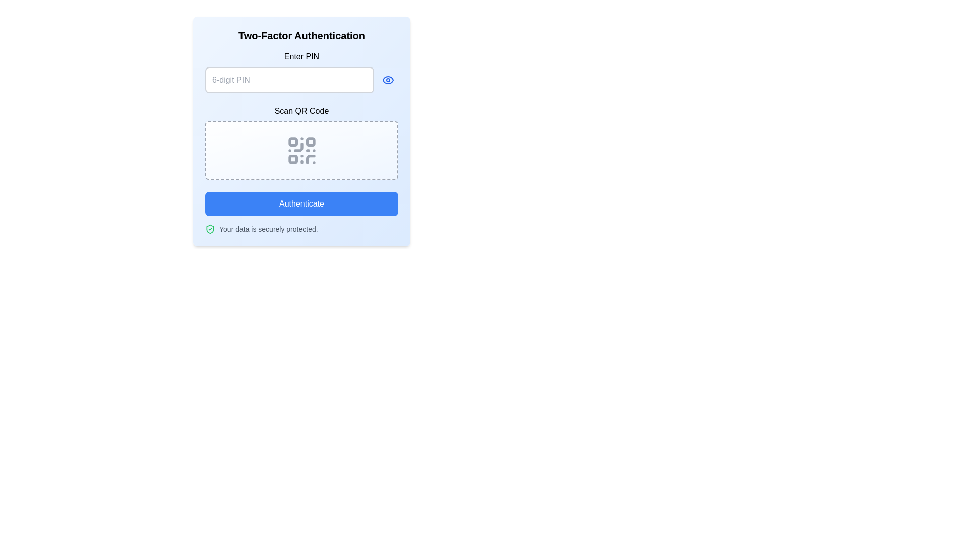 This screenshot has height=544, width=968. I want to click on the 'Enter PIN' password input field with visibility toggle, so click(301, 71).